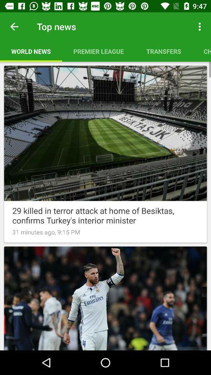  What do you see at coordinates (202, 51) in the screenshot?
I see `item next to the transfers` at bounding box center [202, 51].